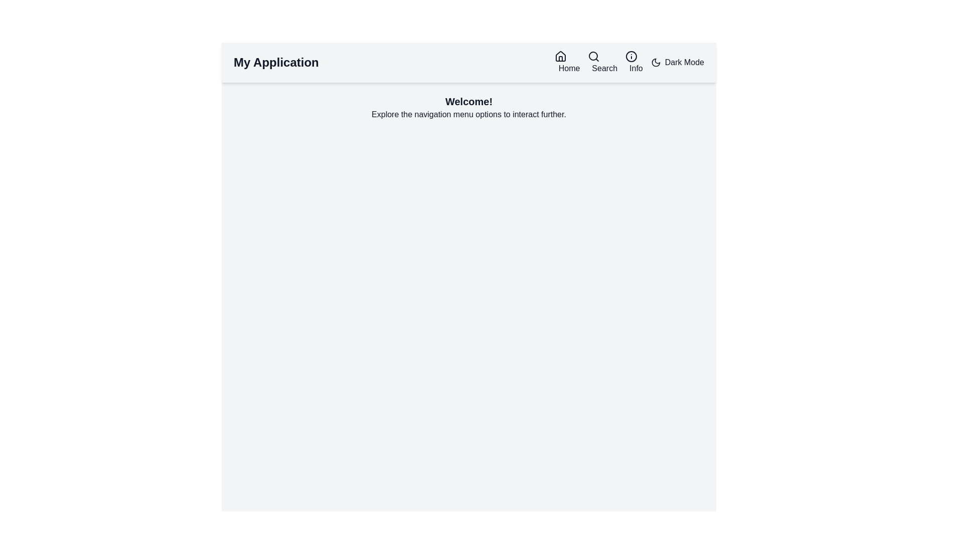  Describe the element at coordinates (468, 102) in the screenshot. I see `text label that displays 'Welcome!' which is a bolded, large text located near the top center of the page` at that location.